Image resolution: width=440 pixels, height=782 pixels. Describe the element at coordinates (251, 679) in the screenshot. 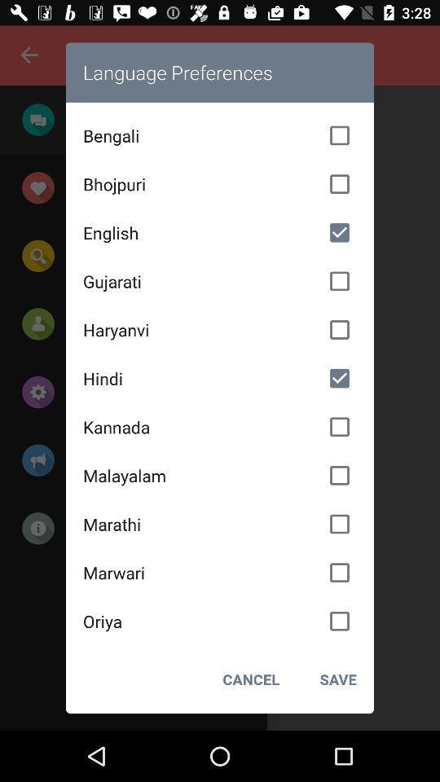

I see `the icon to the left of the save` at that location.